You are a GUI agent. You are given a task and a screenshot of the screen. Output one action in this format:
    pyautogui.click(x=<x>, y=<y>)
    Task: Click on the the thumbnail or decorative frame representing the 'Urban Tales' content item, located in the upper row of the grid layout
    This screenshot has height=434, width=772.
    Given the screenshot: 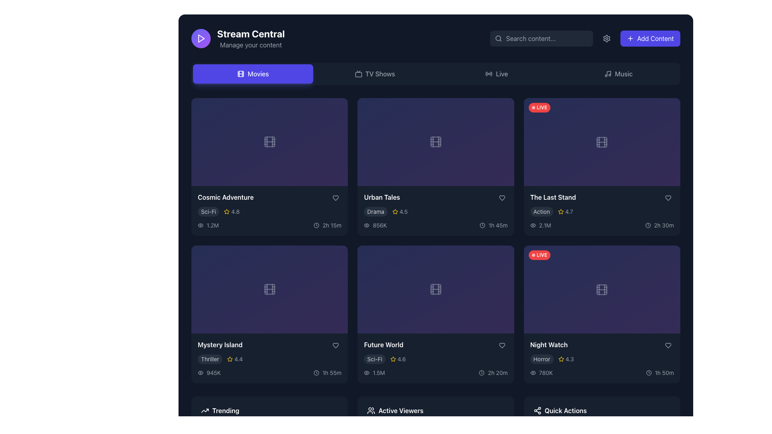 What is the action you would take?
    pyautogui.click(x=435, y=141)
    